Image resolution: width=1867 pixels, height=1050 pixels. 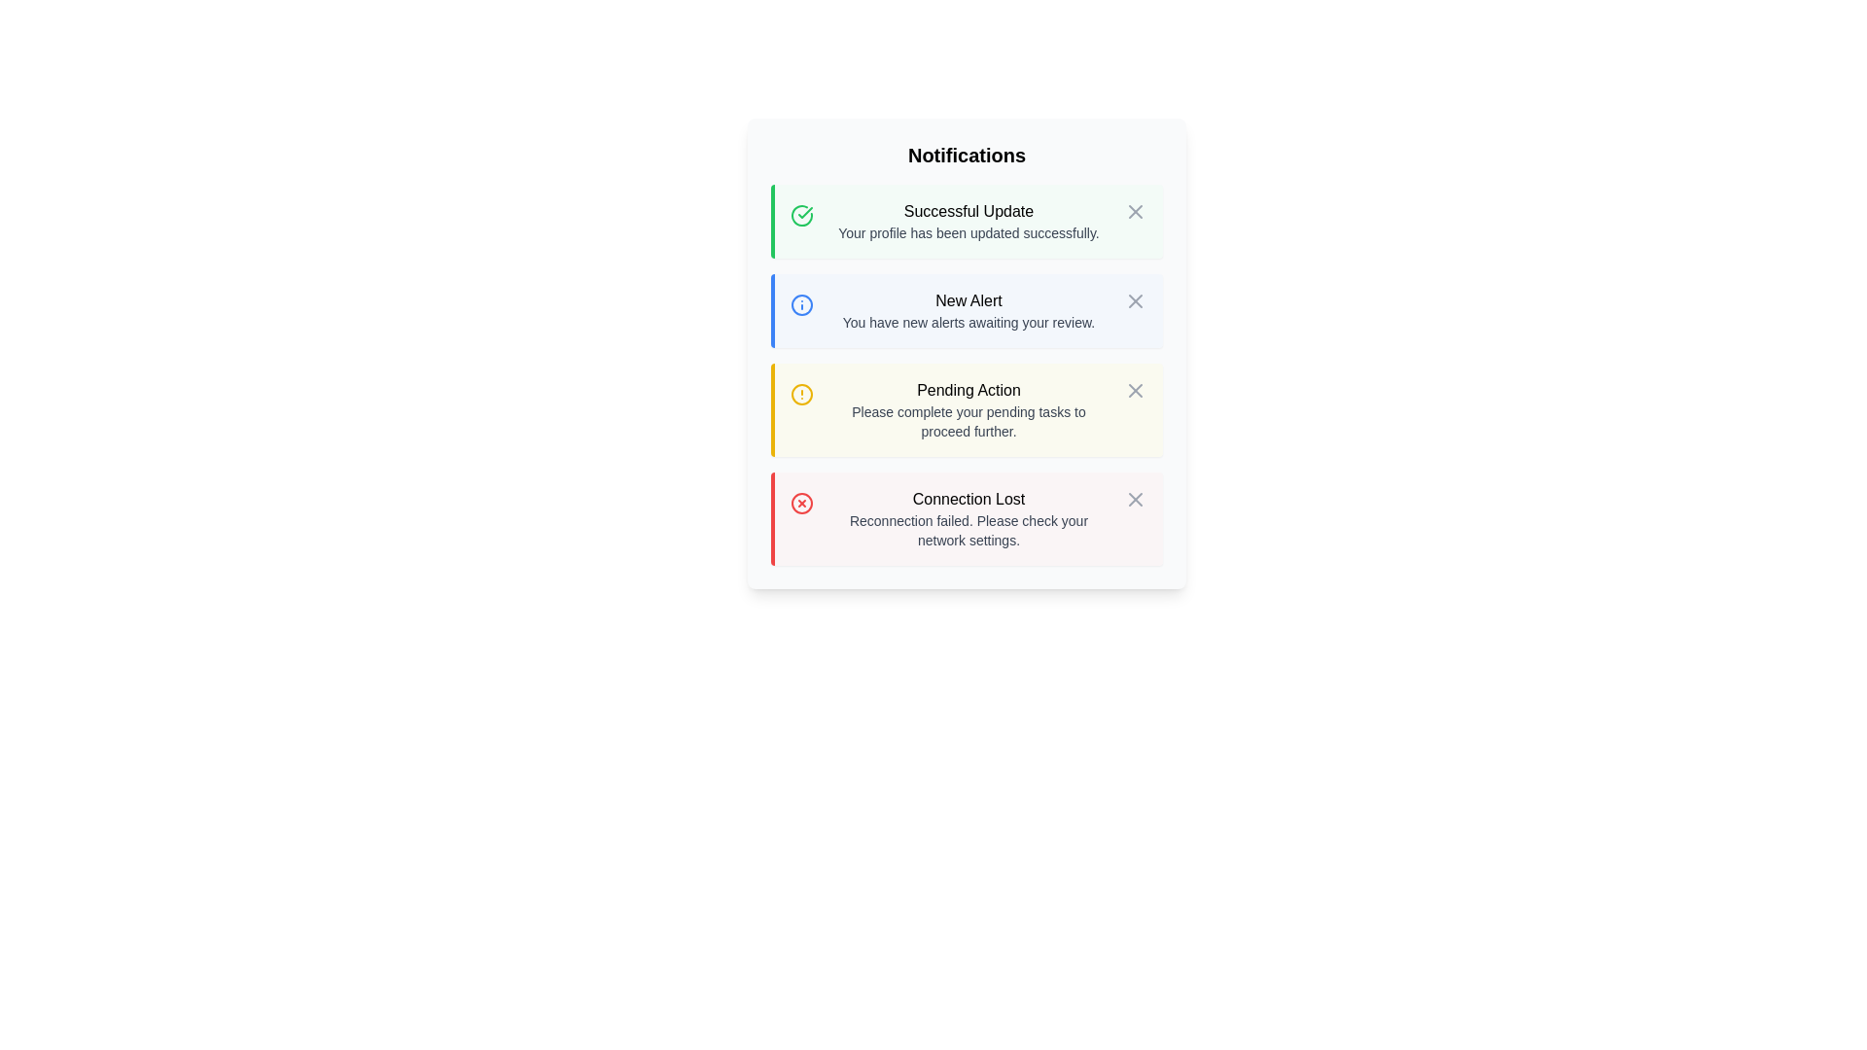 What do you see at coordinates (969, 220) in the screenshot?
I see `text content of the Notification Message Display that conveys a success notification about the user's profile update, located in the Notifications section` at bounding box center [969, 220].